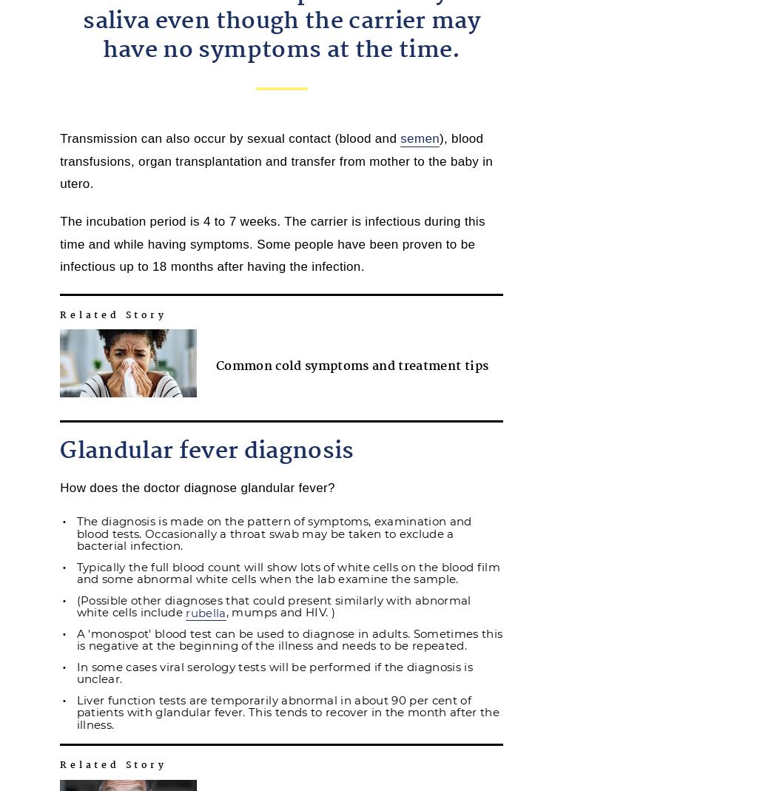  I want to click on 'Glandular fever diagnosis', so click(206, 451).